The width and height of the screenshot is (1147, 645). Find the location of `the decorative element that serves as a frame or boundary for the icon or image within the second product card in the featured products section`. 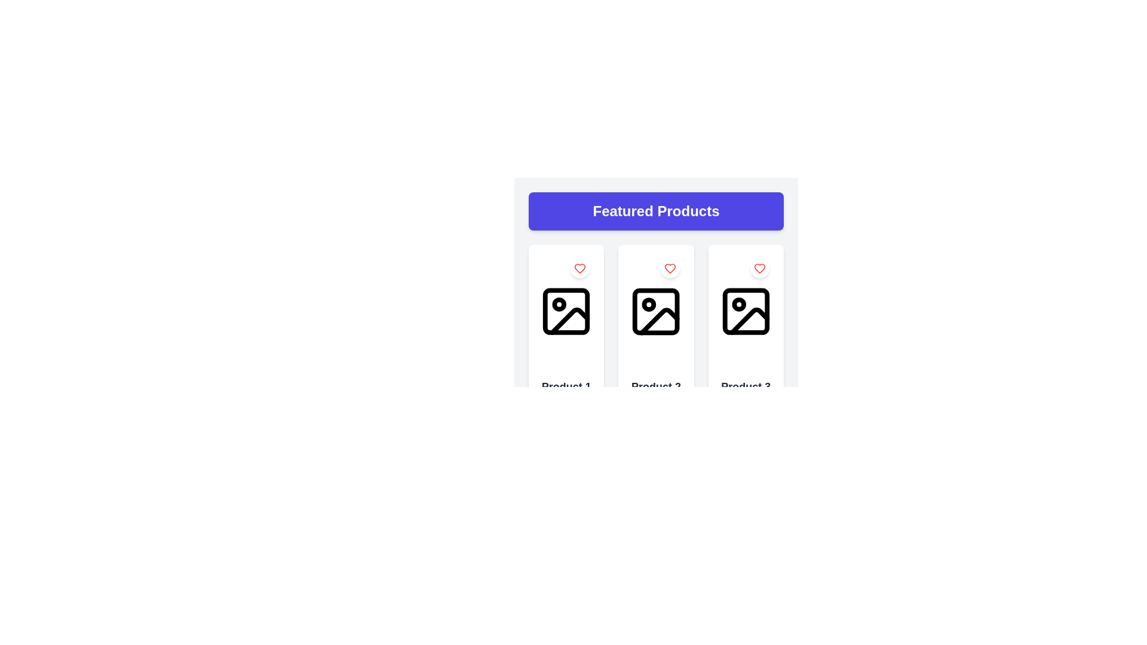

the decorative element that serves as a frame or boundary for the icon or image within the second product card in the featured products section is located at coordinates (655, 311).